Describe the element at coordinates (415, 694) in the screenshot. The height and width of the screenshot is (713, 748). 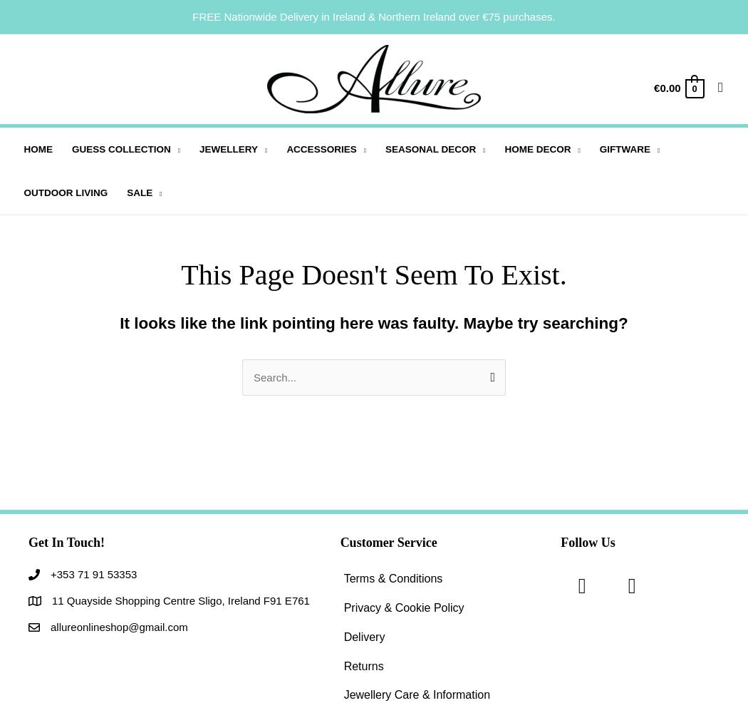
I see `'Jewellery Care & Information'` at that location.